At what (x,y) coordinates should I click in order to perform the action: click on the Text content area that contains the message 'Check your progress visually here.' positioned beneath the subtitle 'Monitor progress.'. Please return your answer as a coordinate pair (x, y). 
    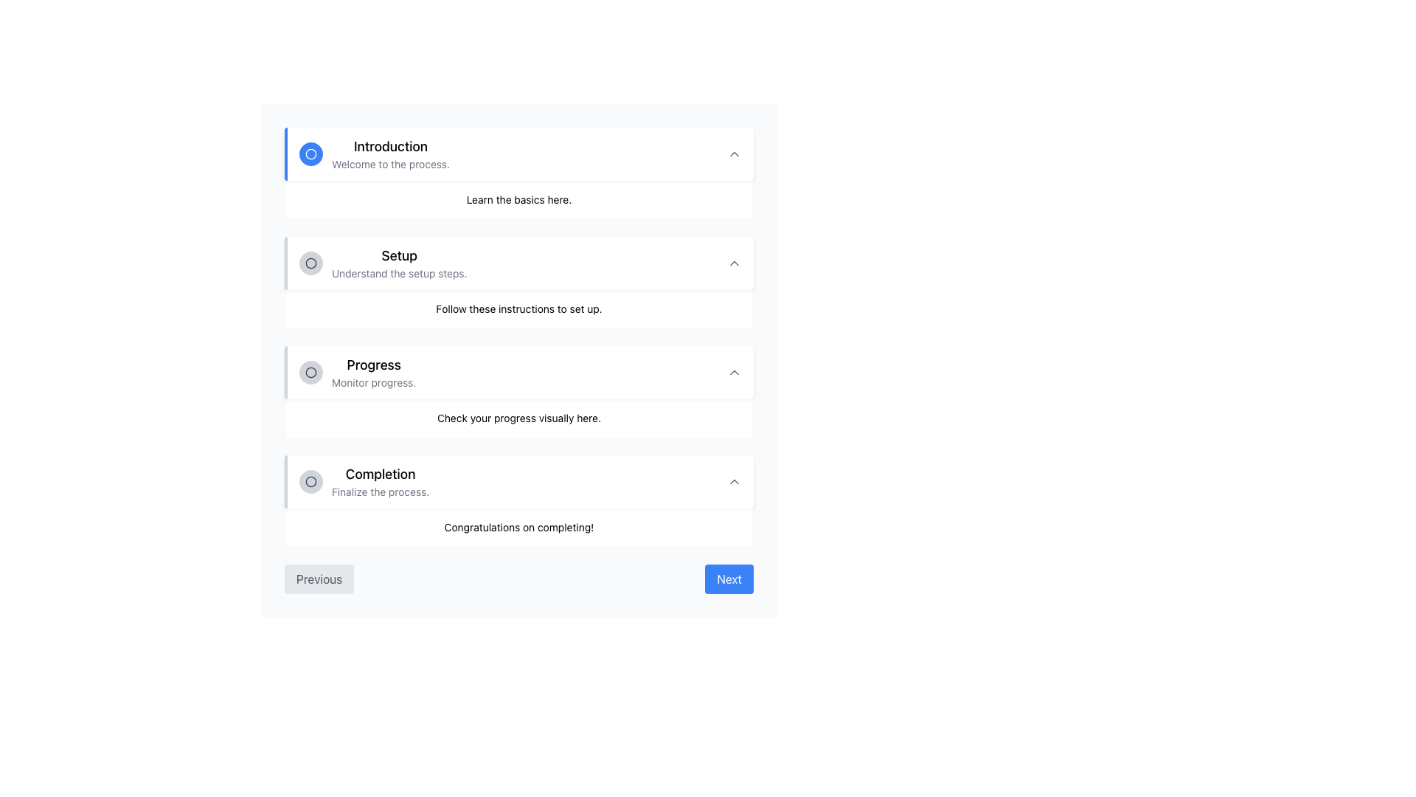
    Looking at the image, I should click on (519, 418).